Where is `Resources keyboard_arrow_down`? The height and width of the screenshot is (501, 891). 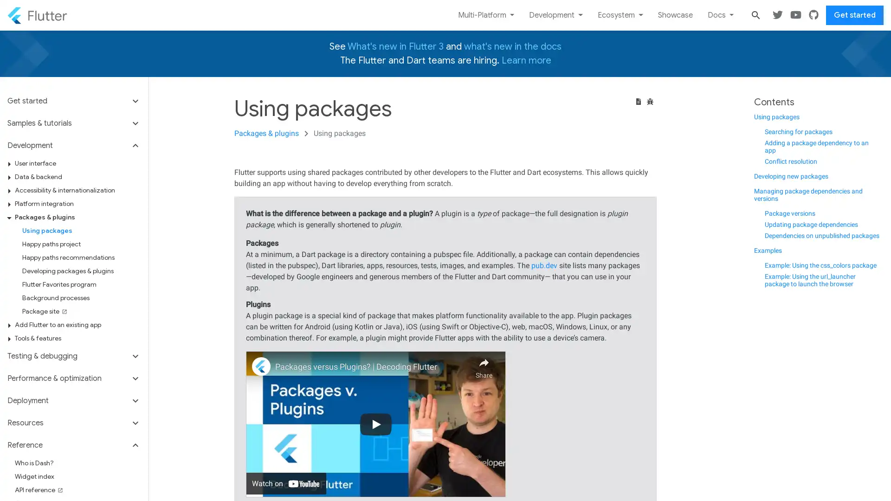
Resources keyboard_arrow_down is located at coordinates (73, 423).